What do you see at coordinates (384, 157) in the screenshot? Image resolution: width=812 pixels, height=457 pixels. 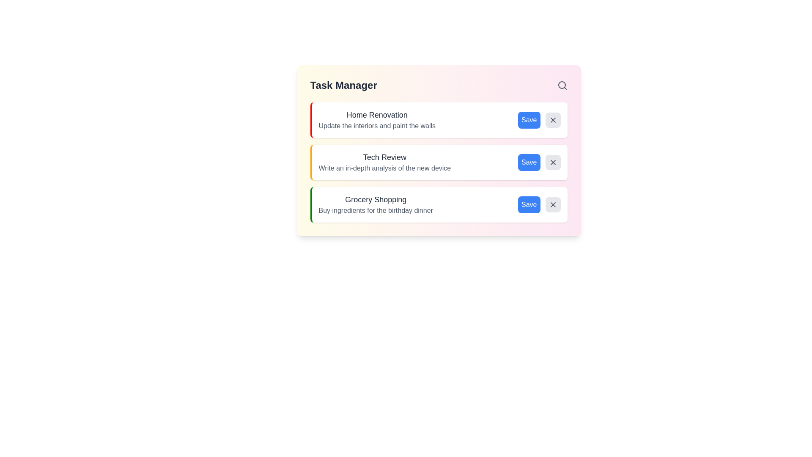 I see `the title of the task item Tech Review` at bounding box center [384, 157].